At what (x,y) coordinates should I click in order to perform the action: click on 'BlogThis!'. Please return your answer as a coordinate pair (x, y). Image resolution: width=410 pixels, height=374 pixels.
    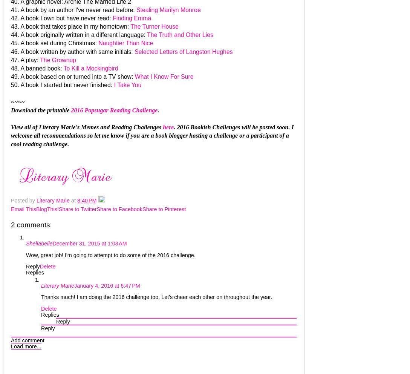
    Looking at the image, I should click on (47, 209).